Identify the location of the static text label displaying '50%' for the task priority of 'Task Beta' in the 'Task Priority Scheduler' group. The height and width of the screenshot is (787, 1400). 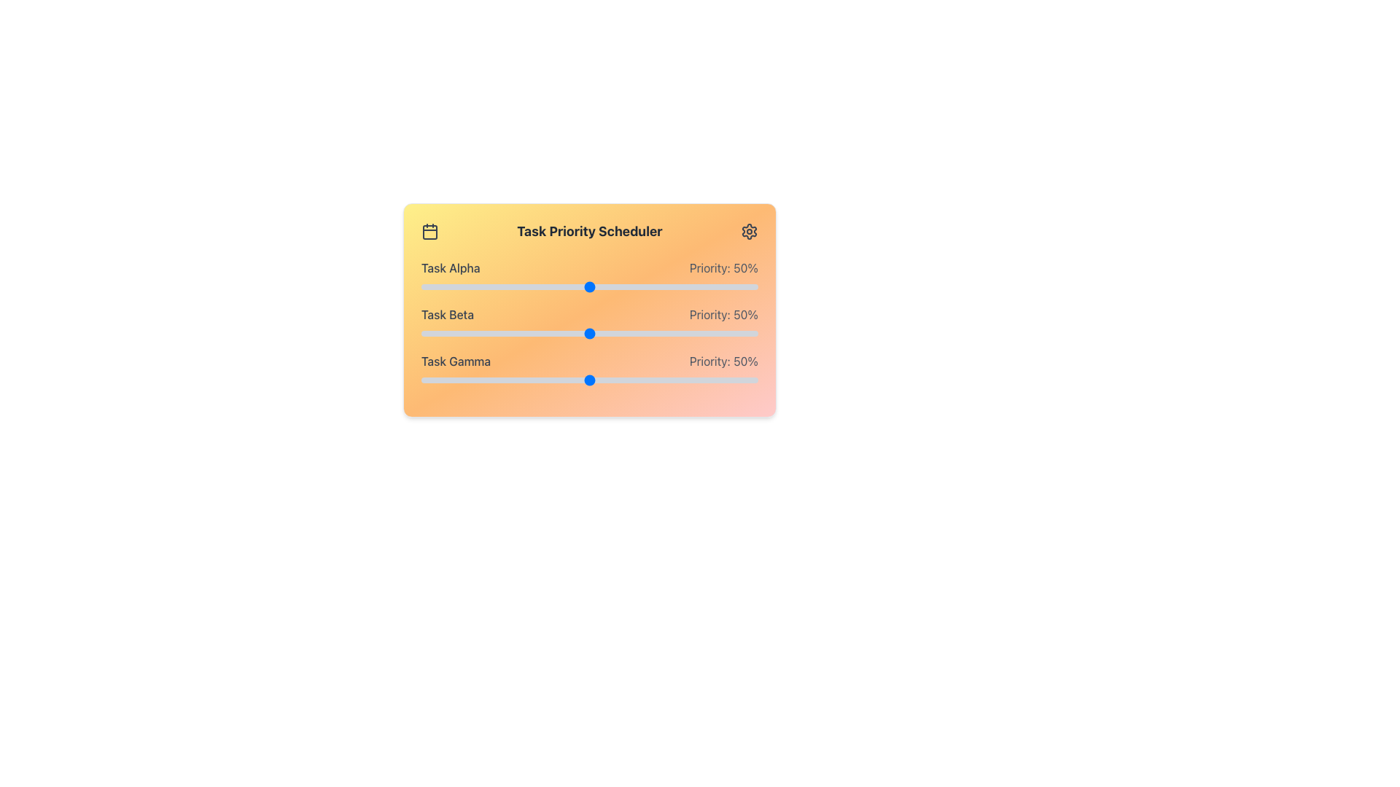
(723, 314).